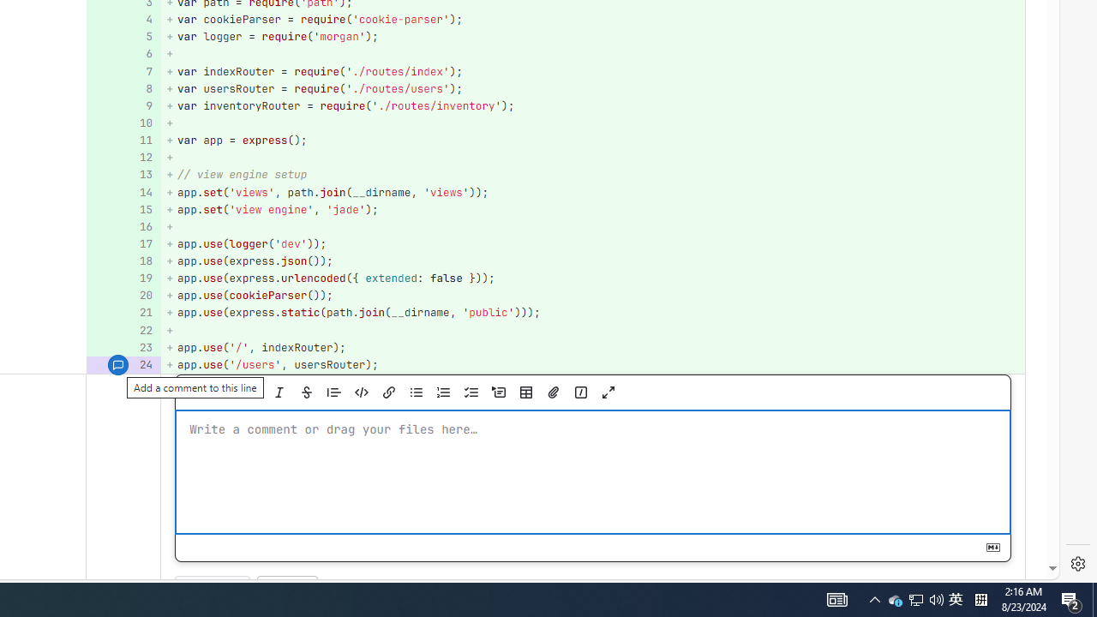 The image size is (1097, 617). I want to click on '11', so click(121, 140).